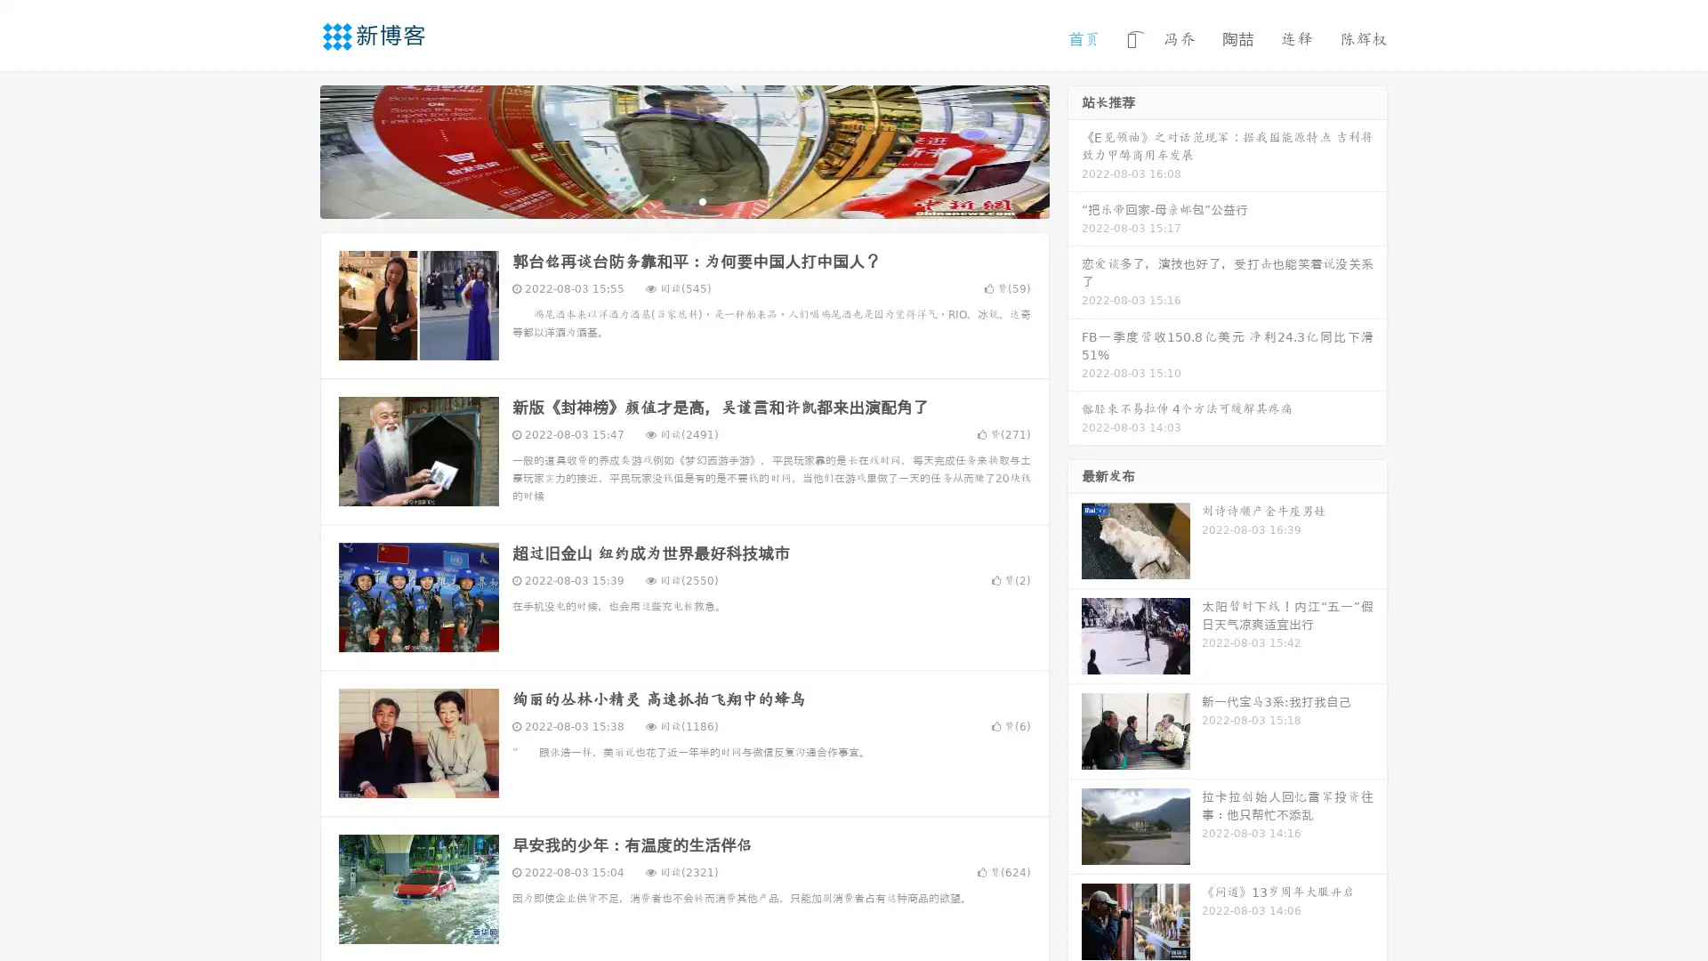  Describe the element at coordinates (665, 200) in the screenshot. I see `Go to slide 1` at that location.